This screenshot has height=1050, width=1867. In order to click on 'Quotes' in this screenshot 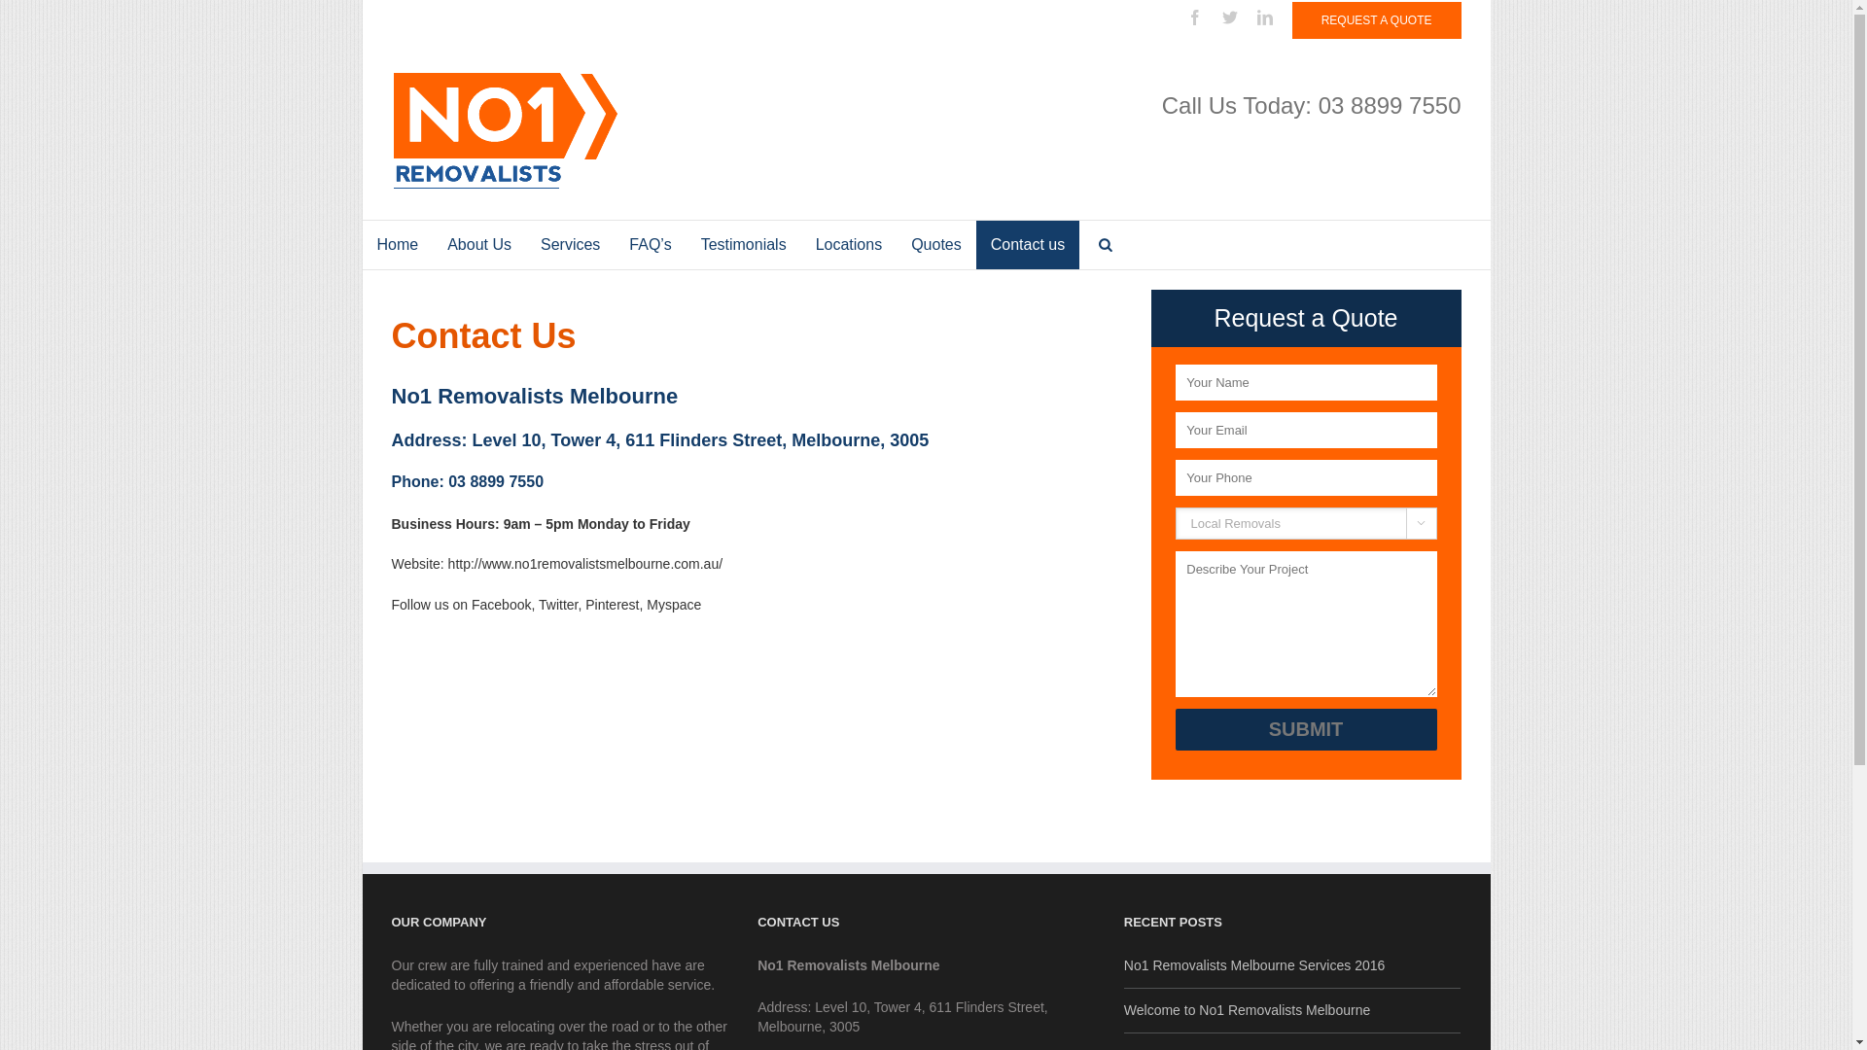, I will do `click(936, 243)`.